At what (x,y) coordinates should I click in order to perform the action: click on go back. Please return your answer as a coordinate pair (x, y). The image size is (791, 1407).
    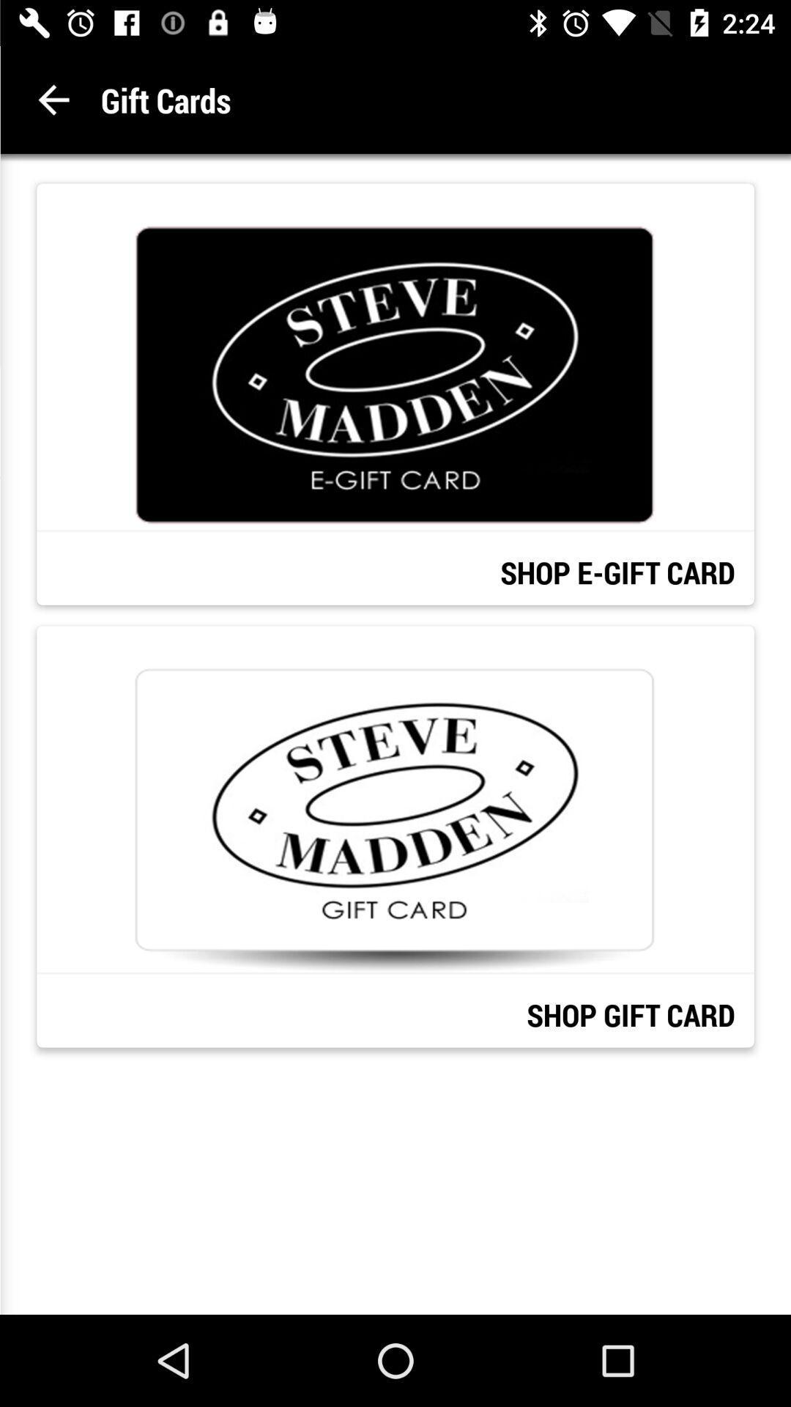
    Looking at the image, I should click on (53, 99).